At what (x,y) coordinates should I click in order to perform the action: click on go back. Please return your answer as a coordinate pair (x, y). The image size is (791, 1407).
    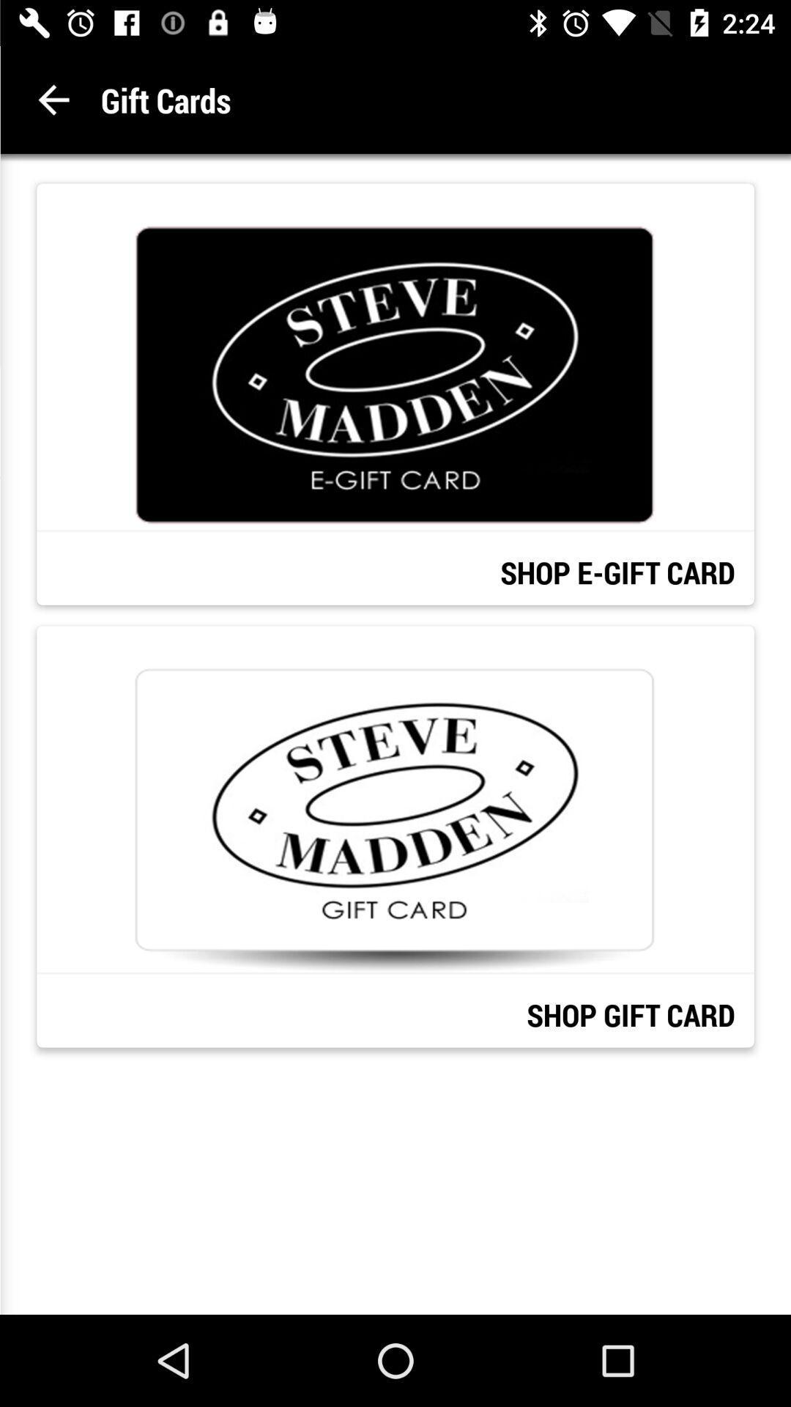
    Looking at the image, I should click on (53, 99).